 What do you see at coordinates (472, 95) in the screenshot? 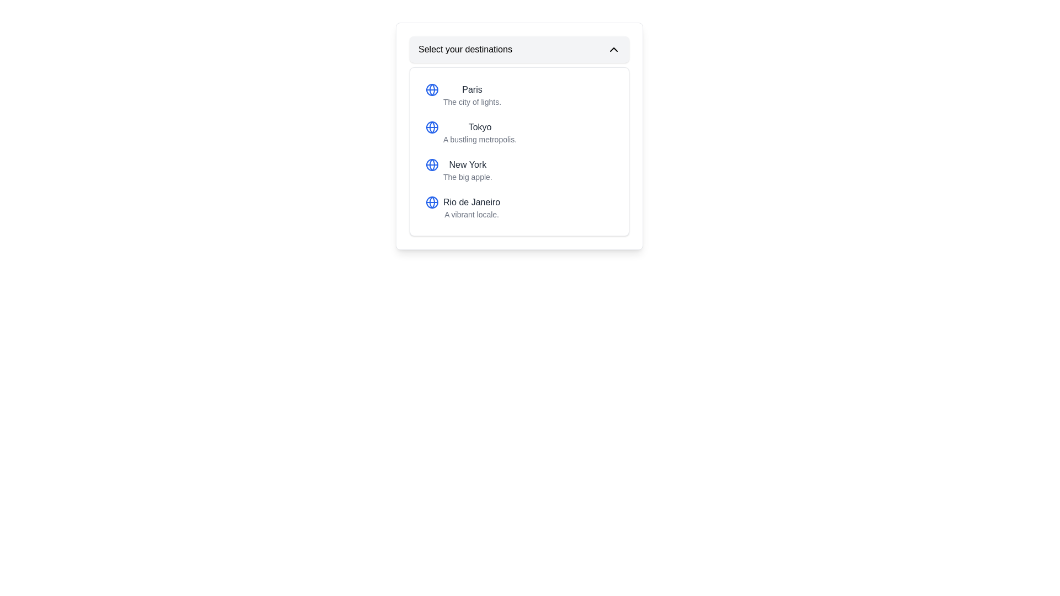
I see `the list item featuring the heading 'Paris' and subheading 'The city of lights', which is the first item in the dropdown menu, visually connected to a blue globe icon on its left` at bounding box center [472, 95].